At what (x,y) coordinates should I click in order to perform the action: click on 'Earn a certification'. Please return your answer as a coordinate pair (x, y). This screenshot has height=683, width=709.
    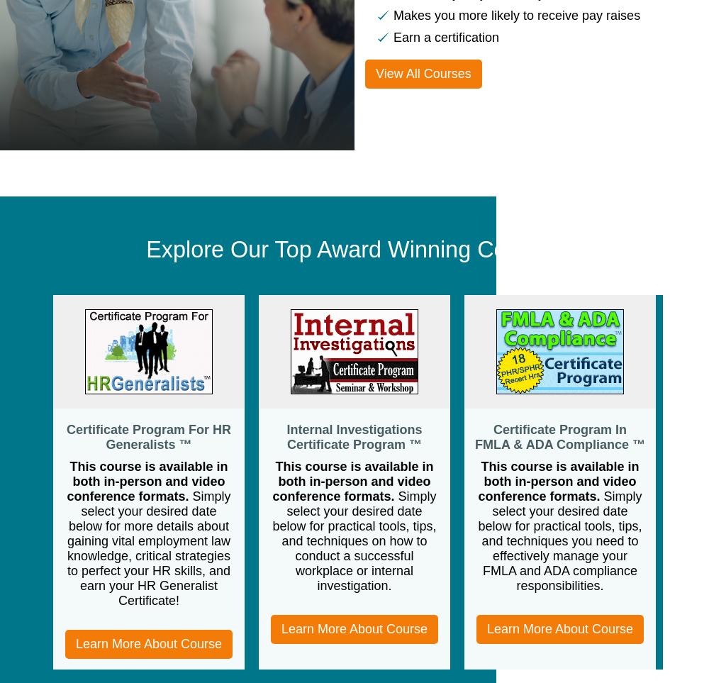
    Looking at the image, I should click on (446, 37).